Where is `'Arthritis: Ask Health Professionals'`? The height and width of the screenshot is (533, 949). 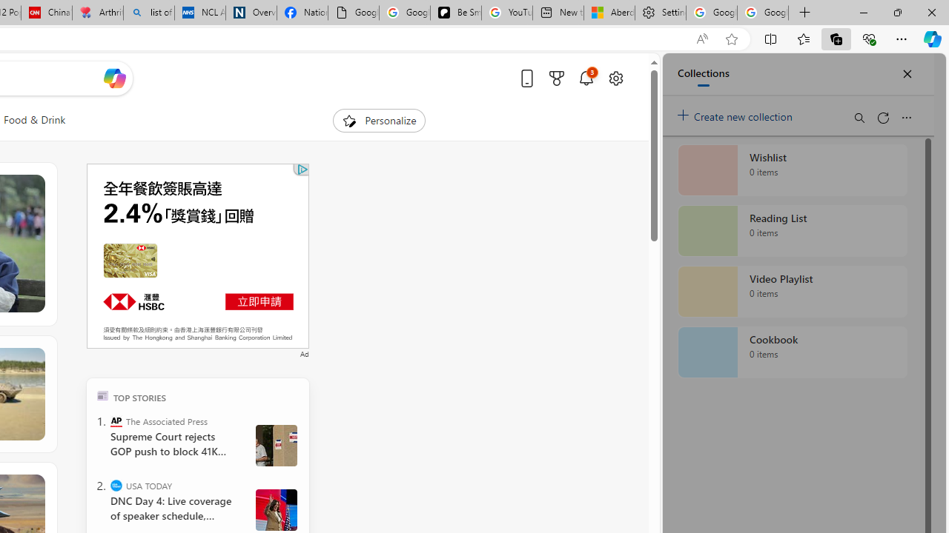 'Arthritis: Ask Health Professionals' is located at coordinates (97, 13).